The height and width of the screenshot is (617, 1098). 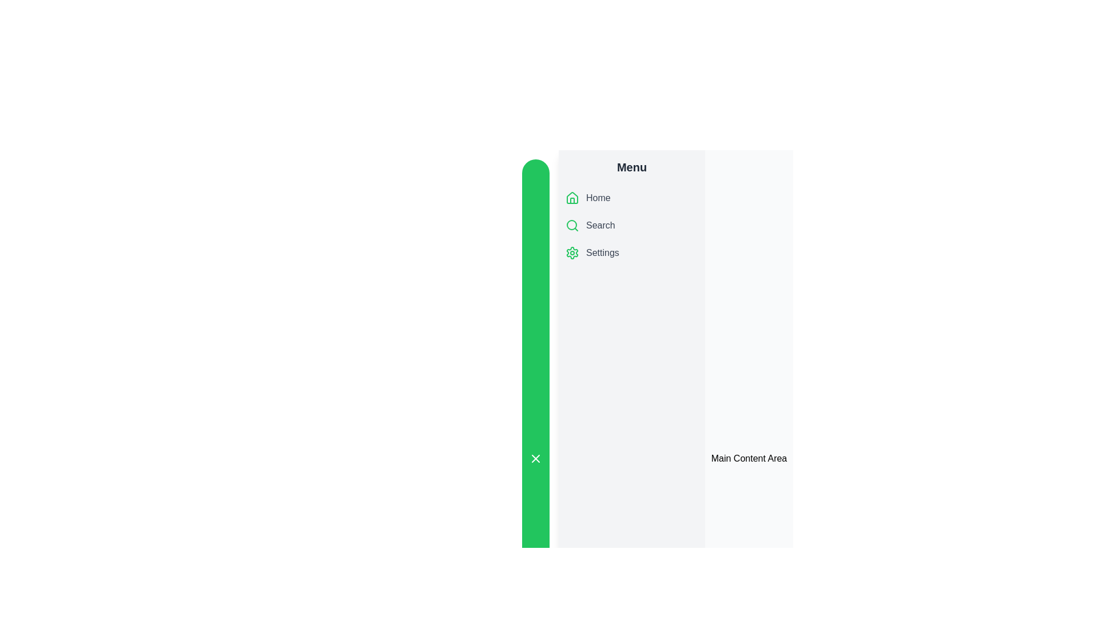 I want to click on the menu item Home to observe the hover effect, so click(x=631, y=198).